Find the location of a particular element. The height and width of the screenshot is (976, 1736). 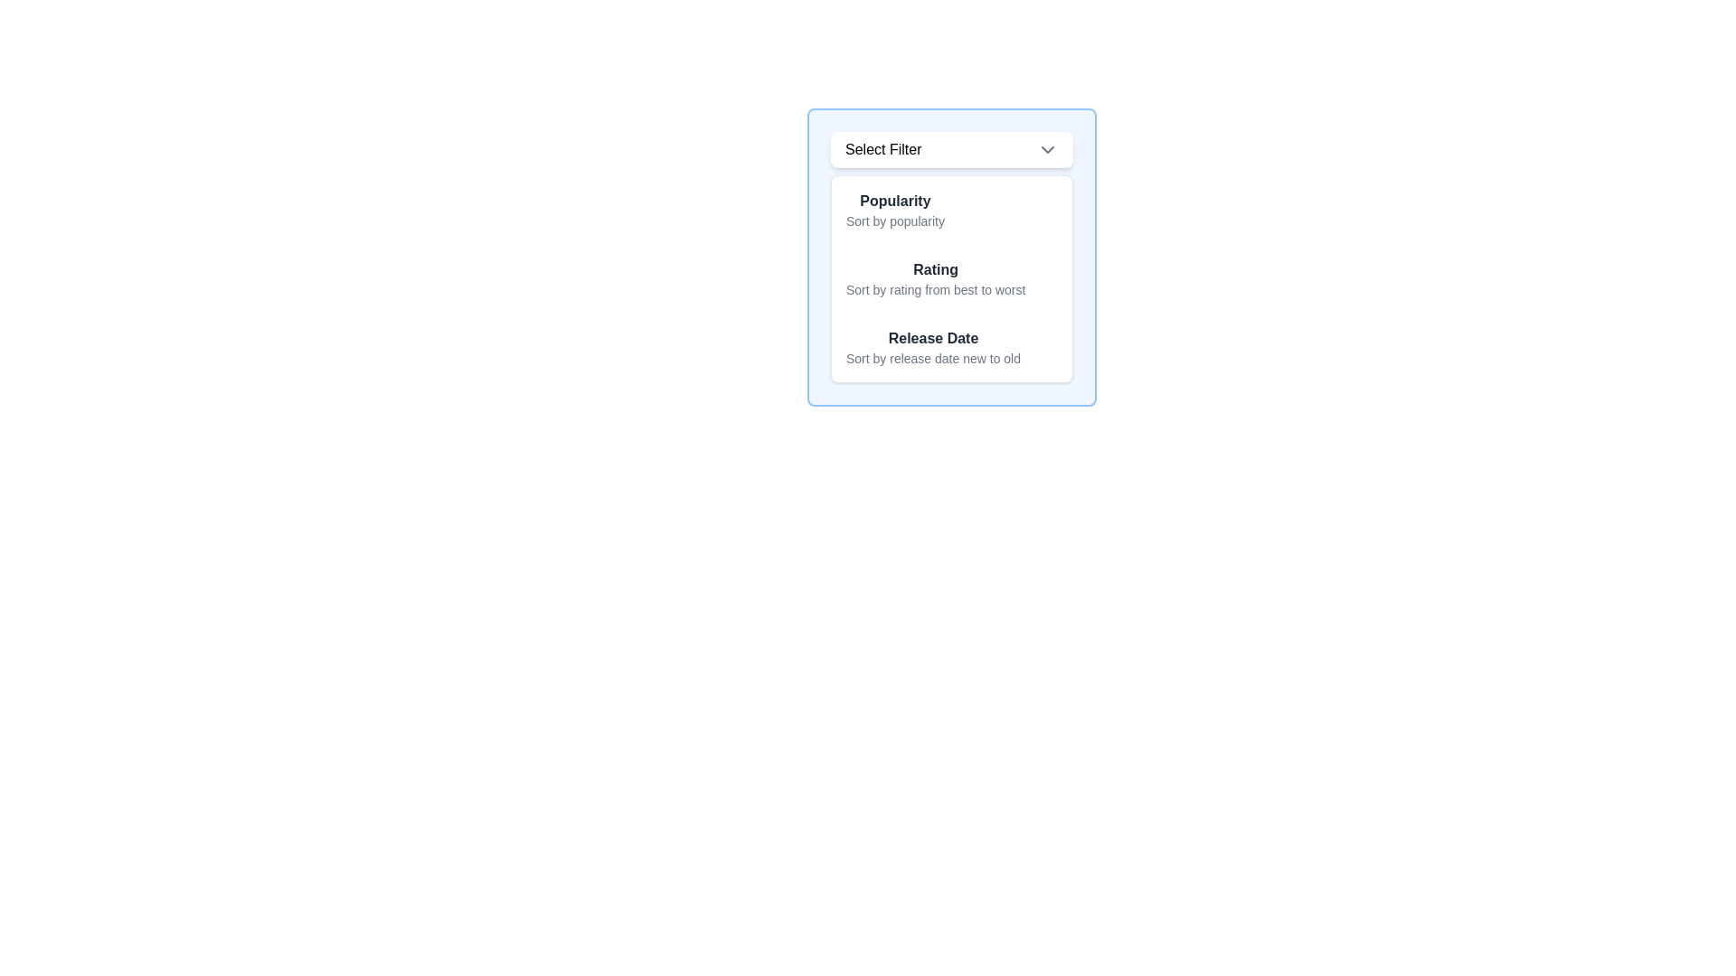

the 'Popularity' option in the 'Select Filter' dropdown menu is located at coordinates (895, 209).